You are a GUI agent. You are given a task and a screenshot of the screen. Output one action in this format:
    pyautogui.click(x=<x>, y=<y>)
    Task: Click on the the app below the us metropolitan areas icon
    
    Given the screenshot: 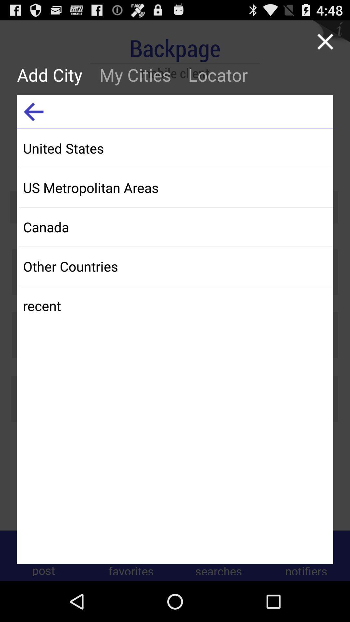 What is the action you would take?
    pyautogui.click(x=176, y=227)
    